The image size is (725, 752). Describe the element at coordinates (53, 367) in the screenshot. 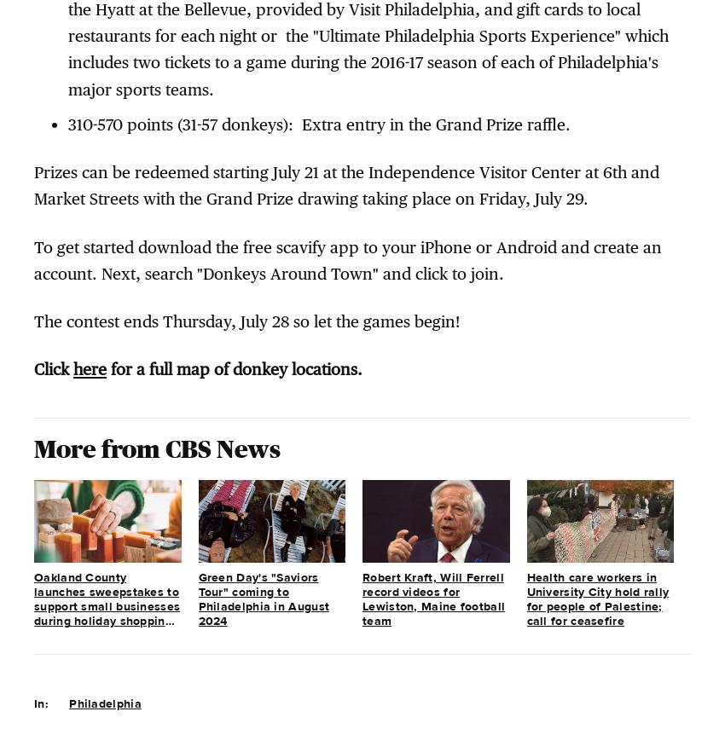

I see `'Click'` at that location.